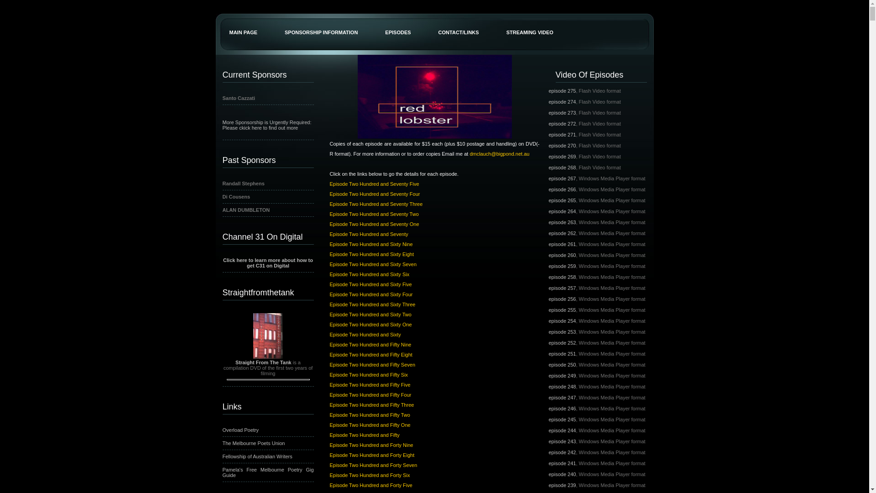 Image resolution: width=876 pixels, height=493 pixels. Describe the element at coordinates (547, 397) in the screenshot. I see `'episode 247'` at that location.